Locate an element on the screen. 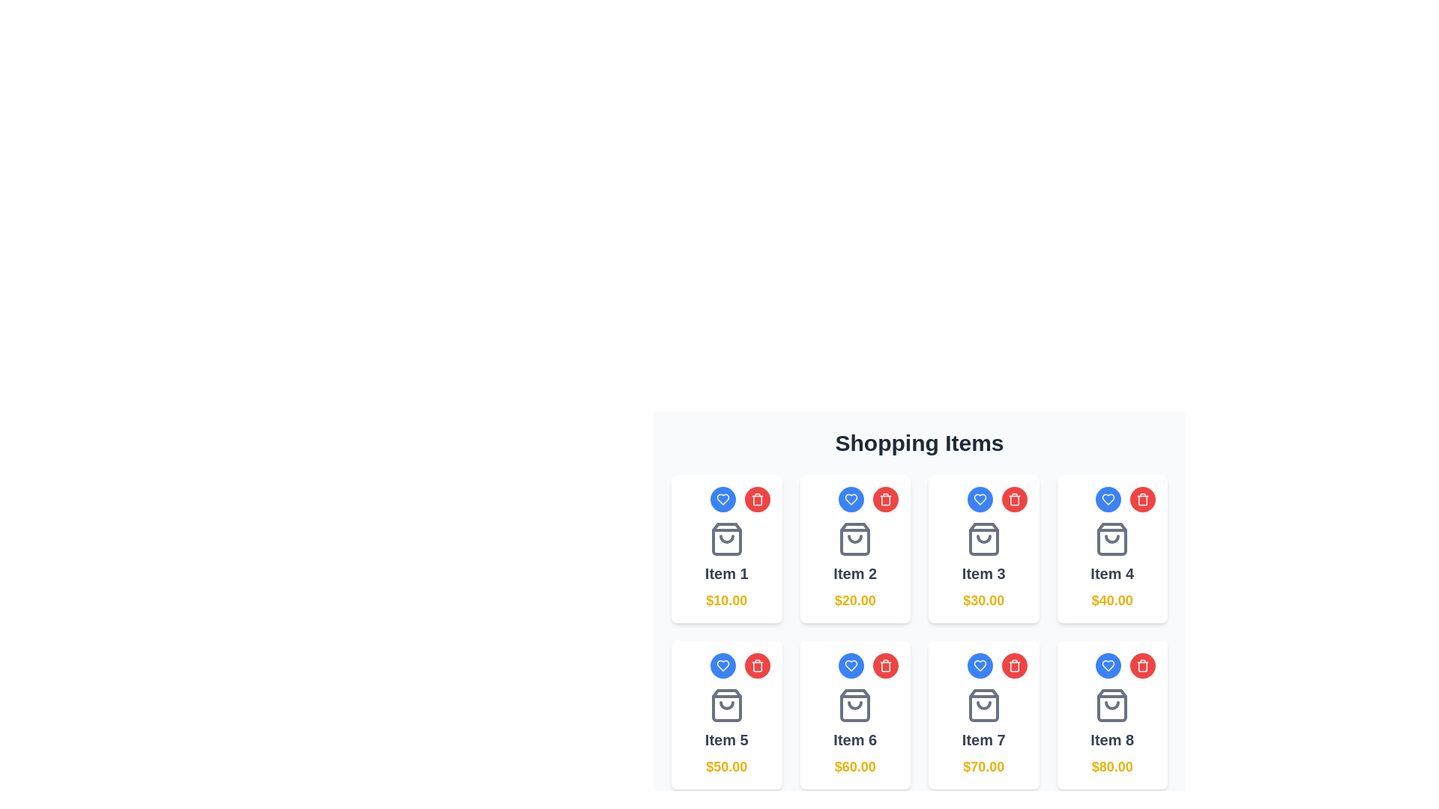 Image resolution: width=1439 pixels, height=809 pixels. displayed price from the bold, yellow-colored text label showing '$20.00' located within the 'Item 2' card is located at coordinates (855, 600).